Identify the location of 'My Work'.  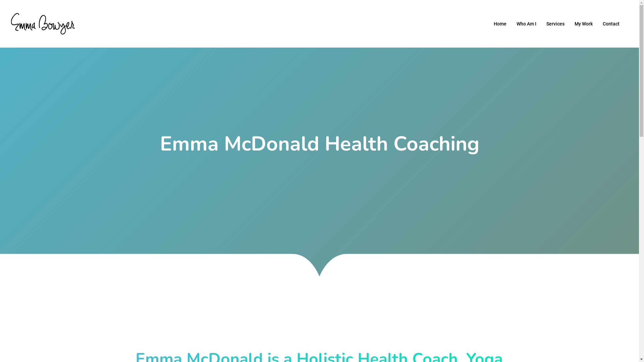
(583, 23).